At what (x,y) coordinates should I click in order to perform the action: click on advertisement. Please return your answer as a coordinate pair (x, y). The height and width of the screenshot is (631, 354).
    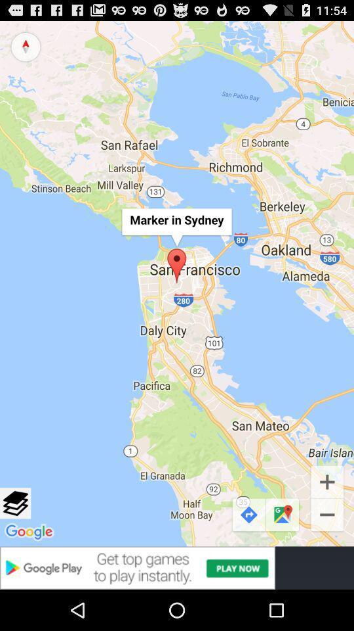
    Looking at the image, I should click on (177, 567).